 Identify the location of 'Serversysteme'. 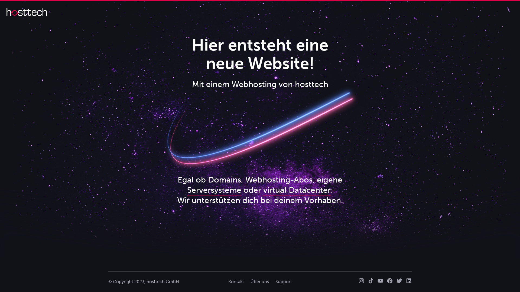
(214, 190).